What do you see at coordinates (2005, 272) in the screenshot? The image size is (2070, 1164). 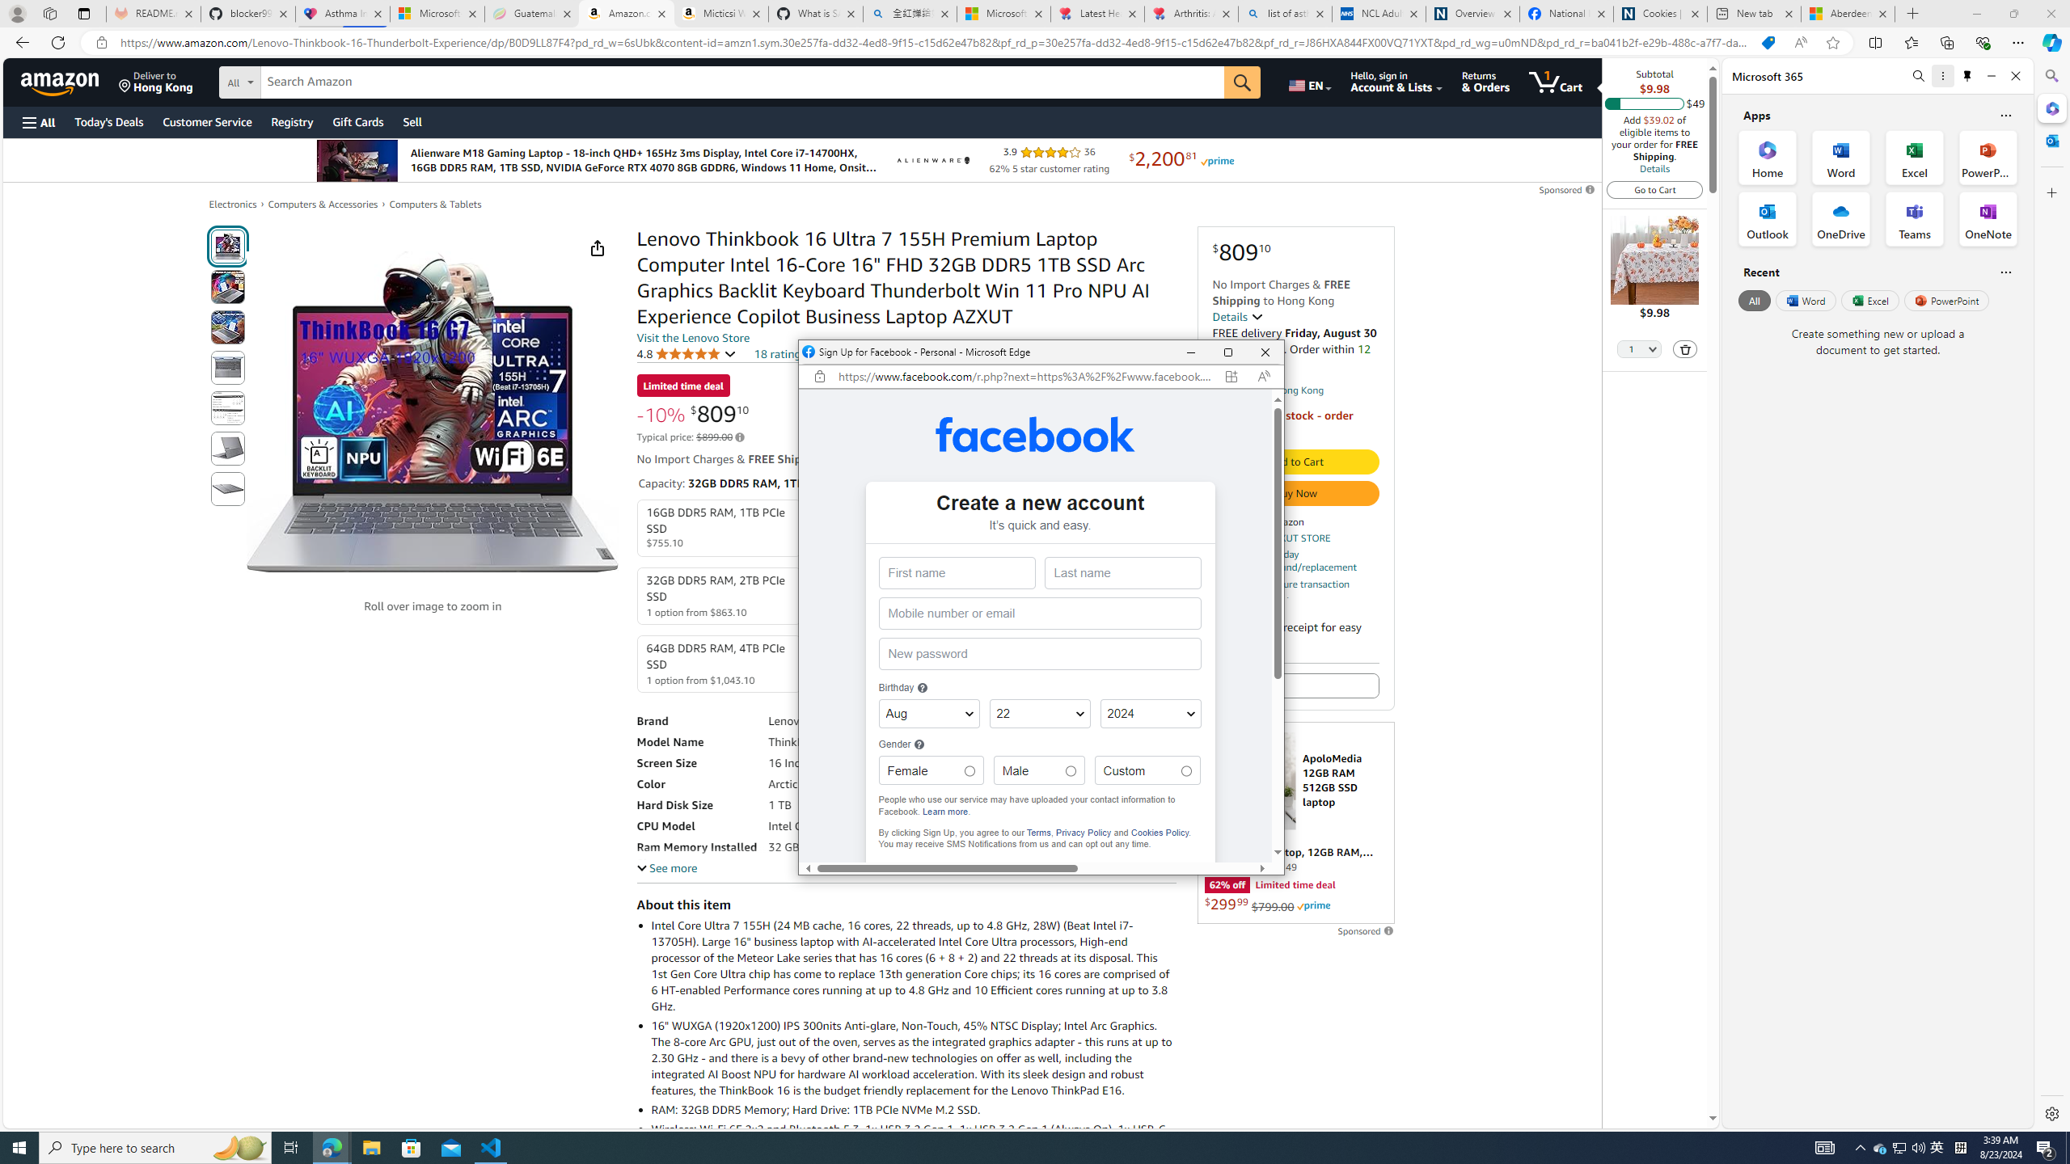 I see `'Is this helpful?'` at bounding box center [2005, 272].